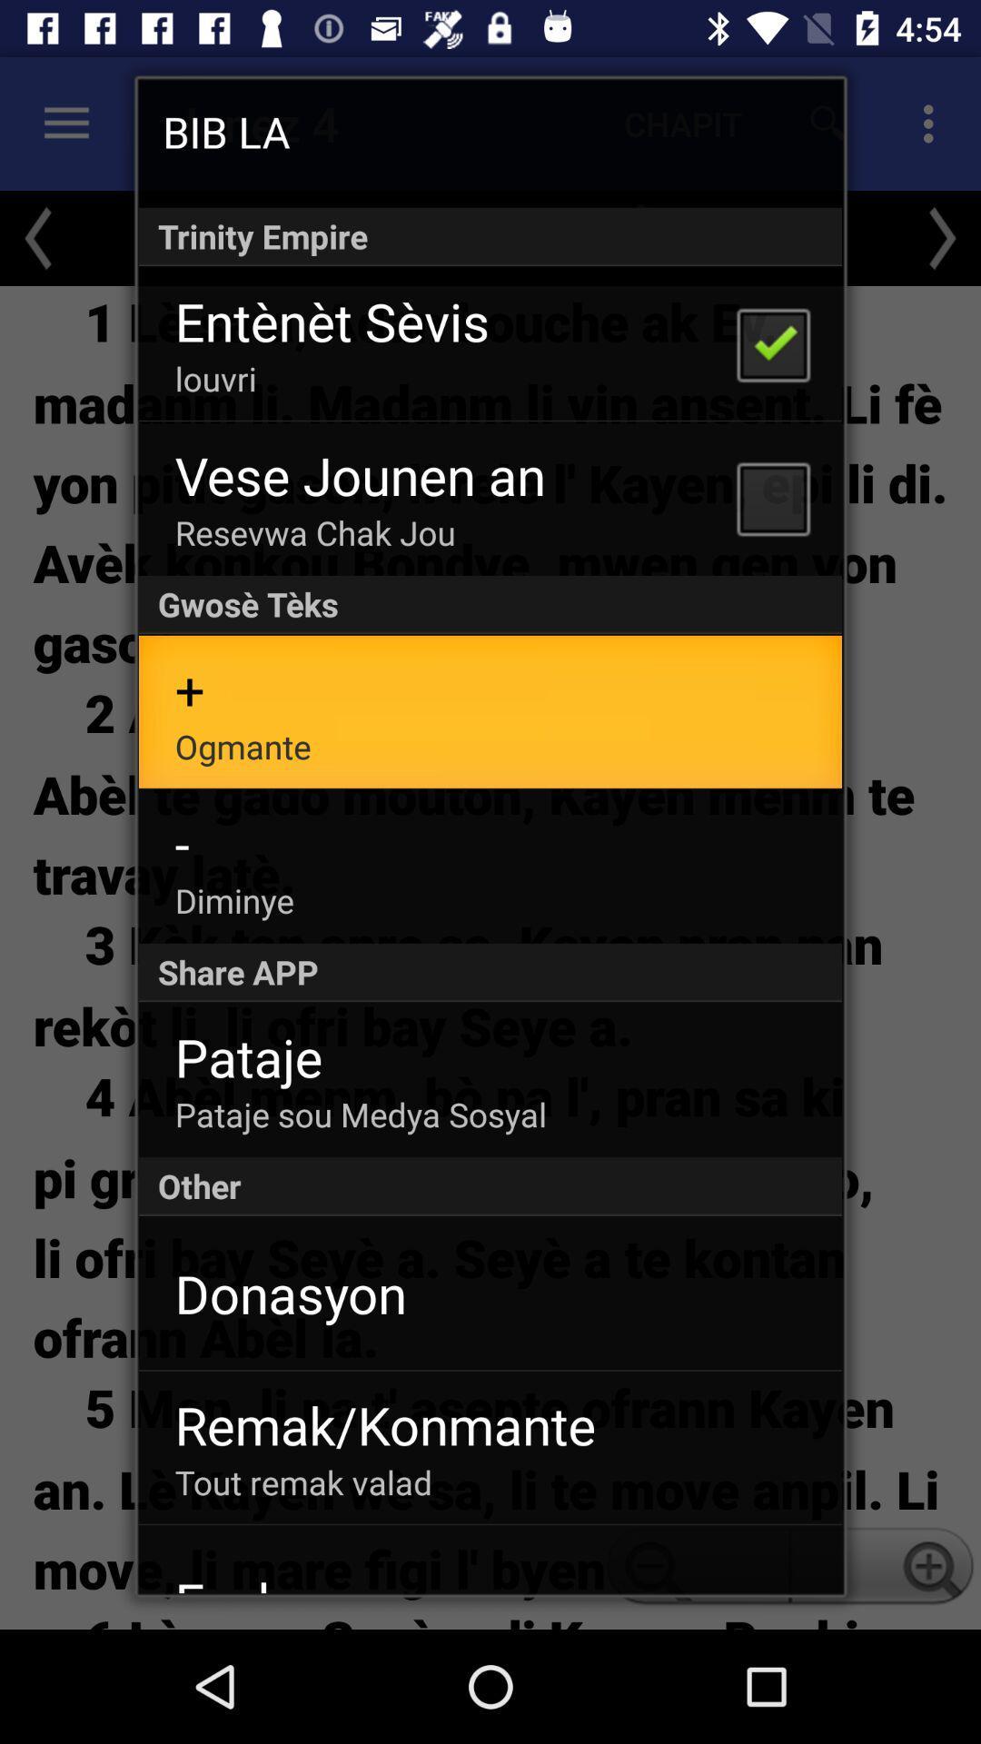 This screenshot has width=981, height=1744. Describe the element at coordinates (490, 1186) in the screenshot. I see `the icon below pataje sou medya app` at that location.